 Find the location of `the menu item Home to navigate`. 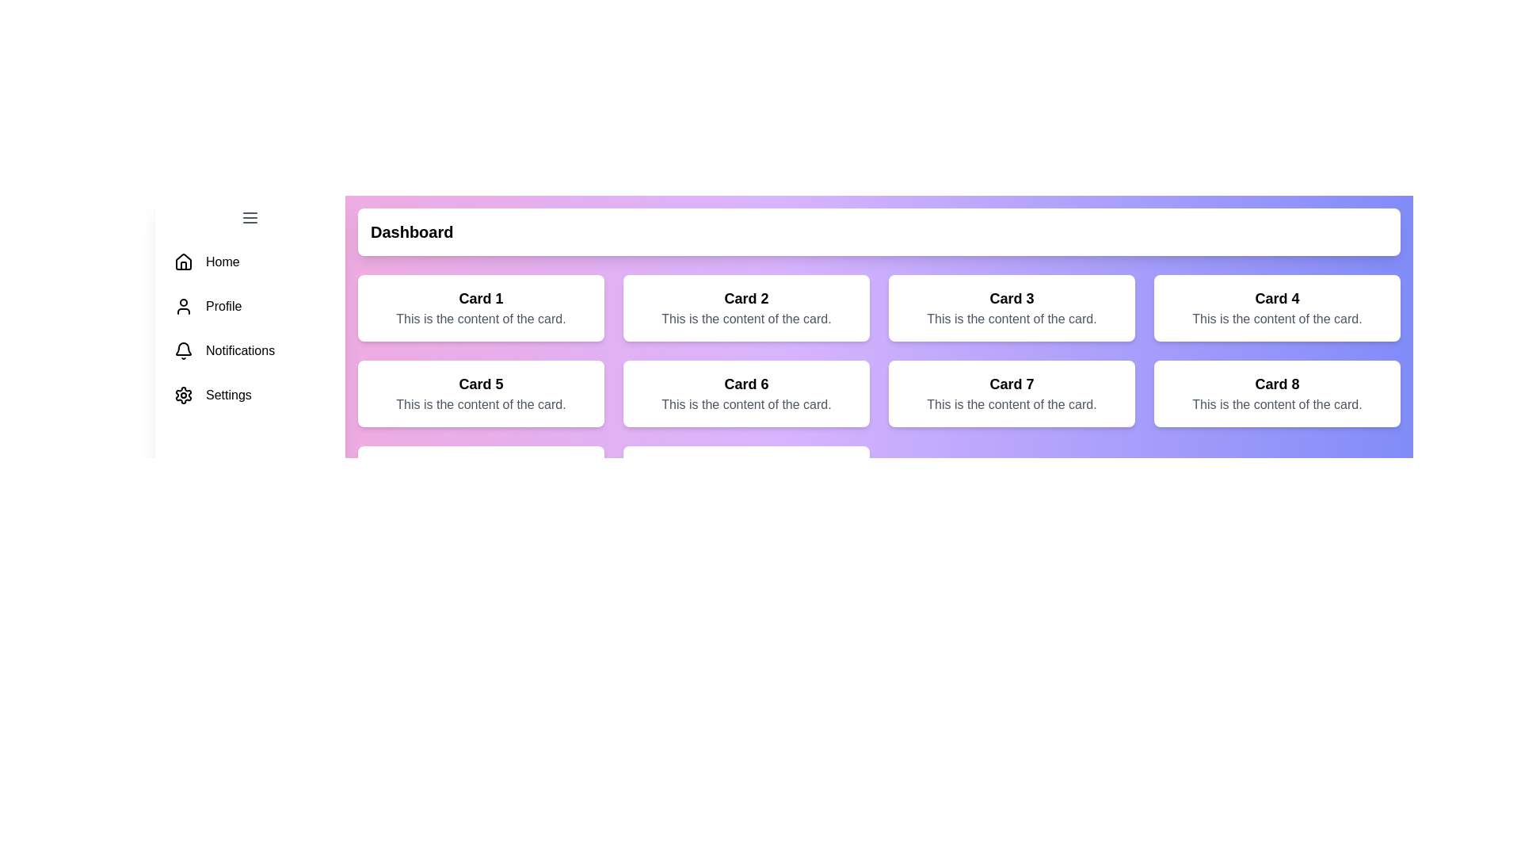

the menu item Home to navigate is located at coordinates (250, 262).